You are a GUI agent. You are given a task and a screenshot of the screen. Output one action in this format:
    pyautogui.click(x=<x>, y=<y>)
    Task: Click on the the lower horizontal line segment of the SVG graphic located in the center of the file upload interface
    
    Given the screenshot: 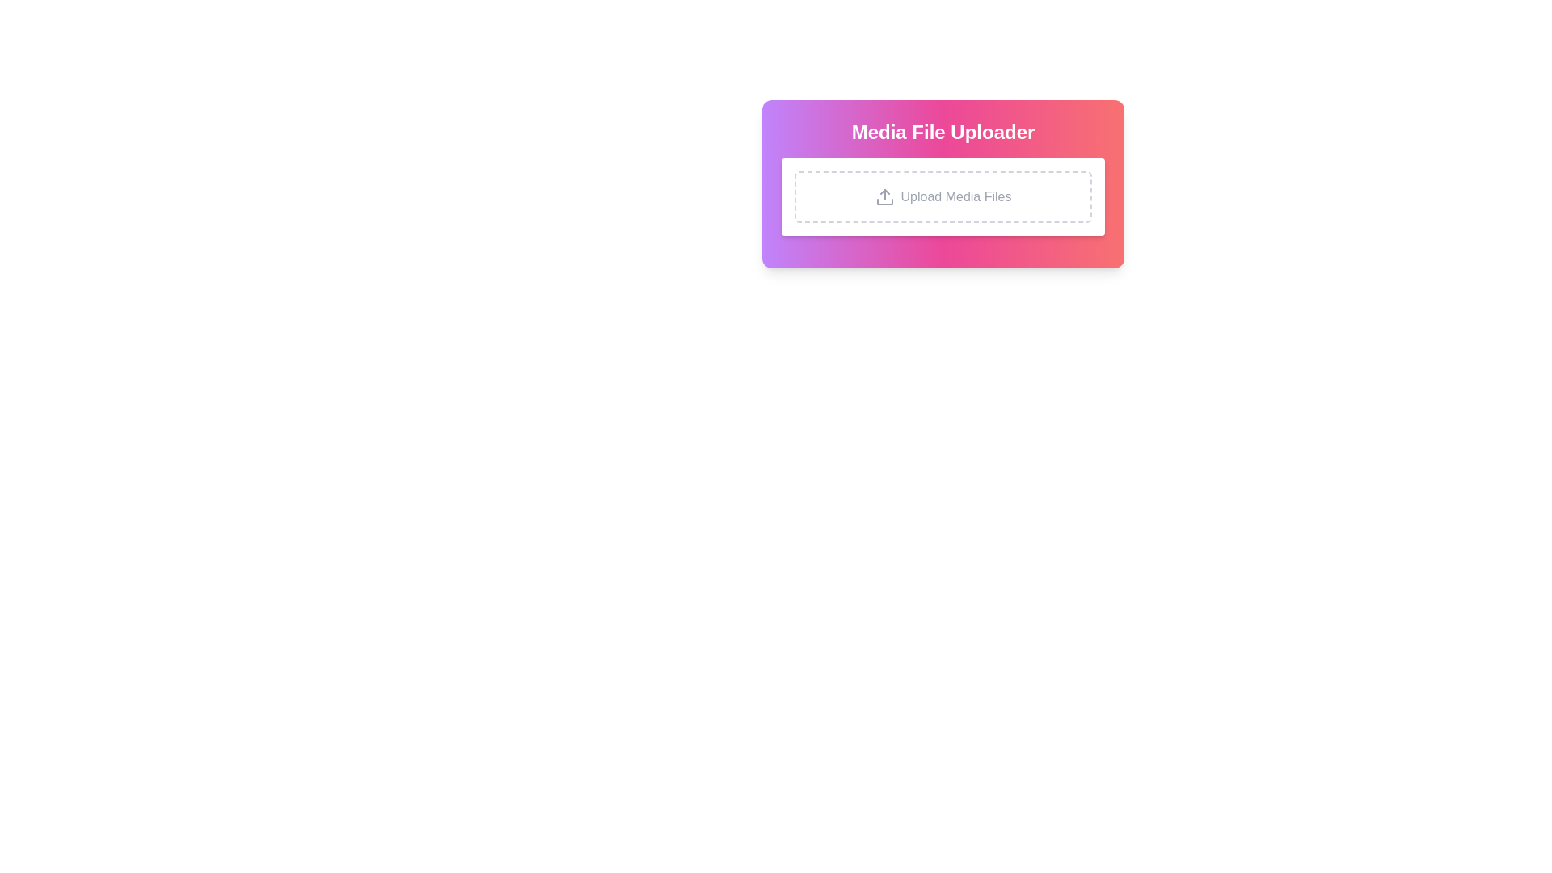 What is the action you would take?
    pyautogui.click(x=884, y=201)
    